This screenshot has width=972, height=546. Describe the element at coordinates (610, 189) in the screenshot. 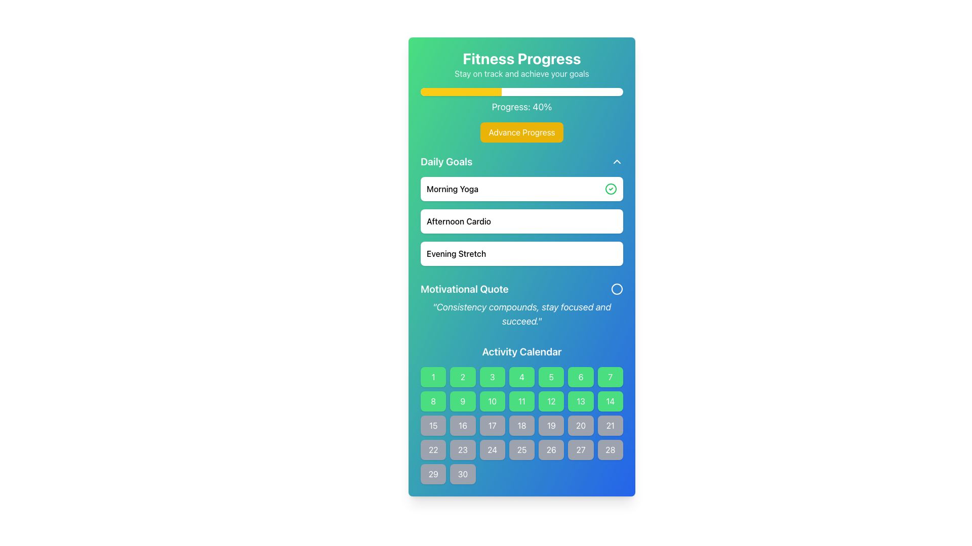

I see `the circular part of the icon indicating status or completion in the 'Daily Goals' section, located to the right of the 'Morning Yoga' text box` at that location.